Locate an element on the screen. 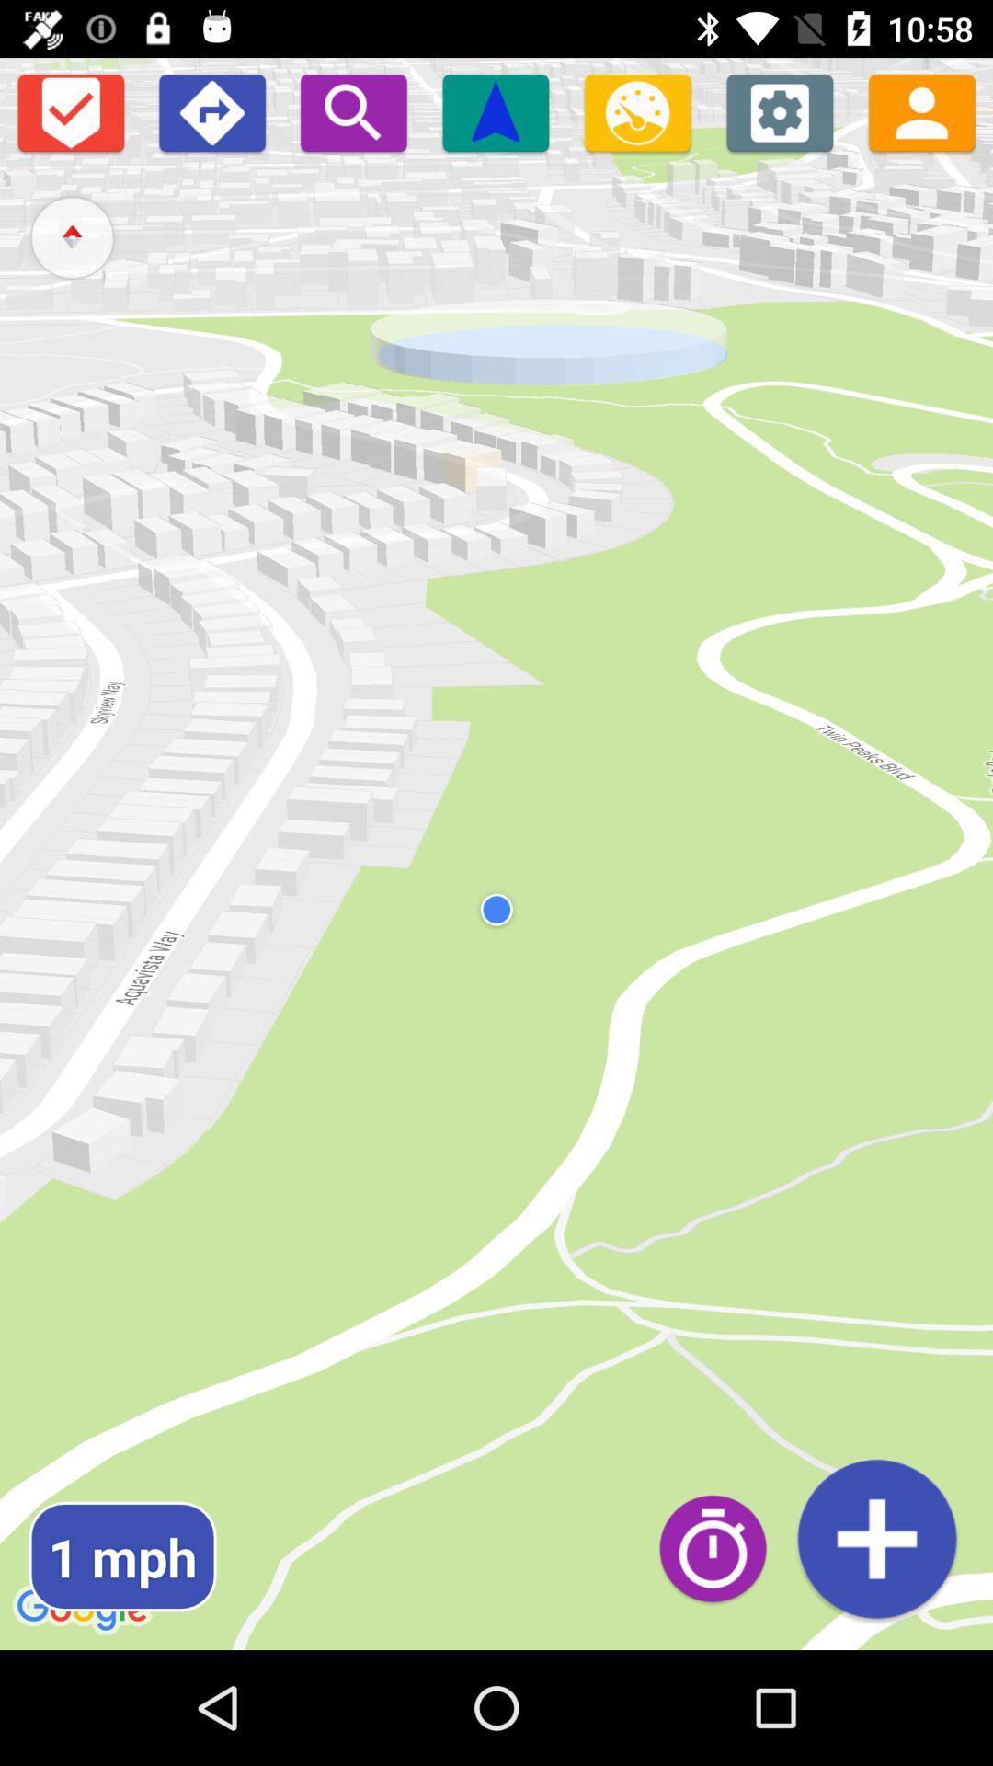 The height and width of the screenshot is (1766, 993). the explore icon is located at coordinates (71, 236).